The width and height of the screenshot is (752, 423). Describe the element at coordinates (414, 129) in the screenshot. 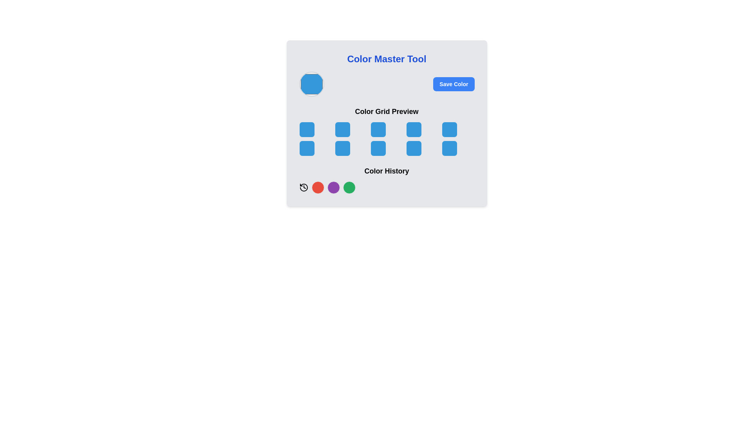

I see `the color selection button located in the first row, fourth column of the color grid` at that location.